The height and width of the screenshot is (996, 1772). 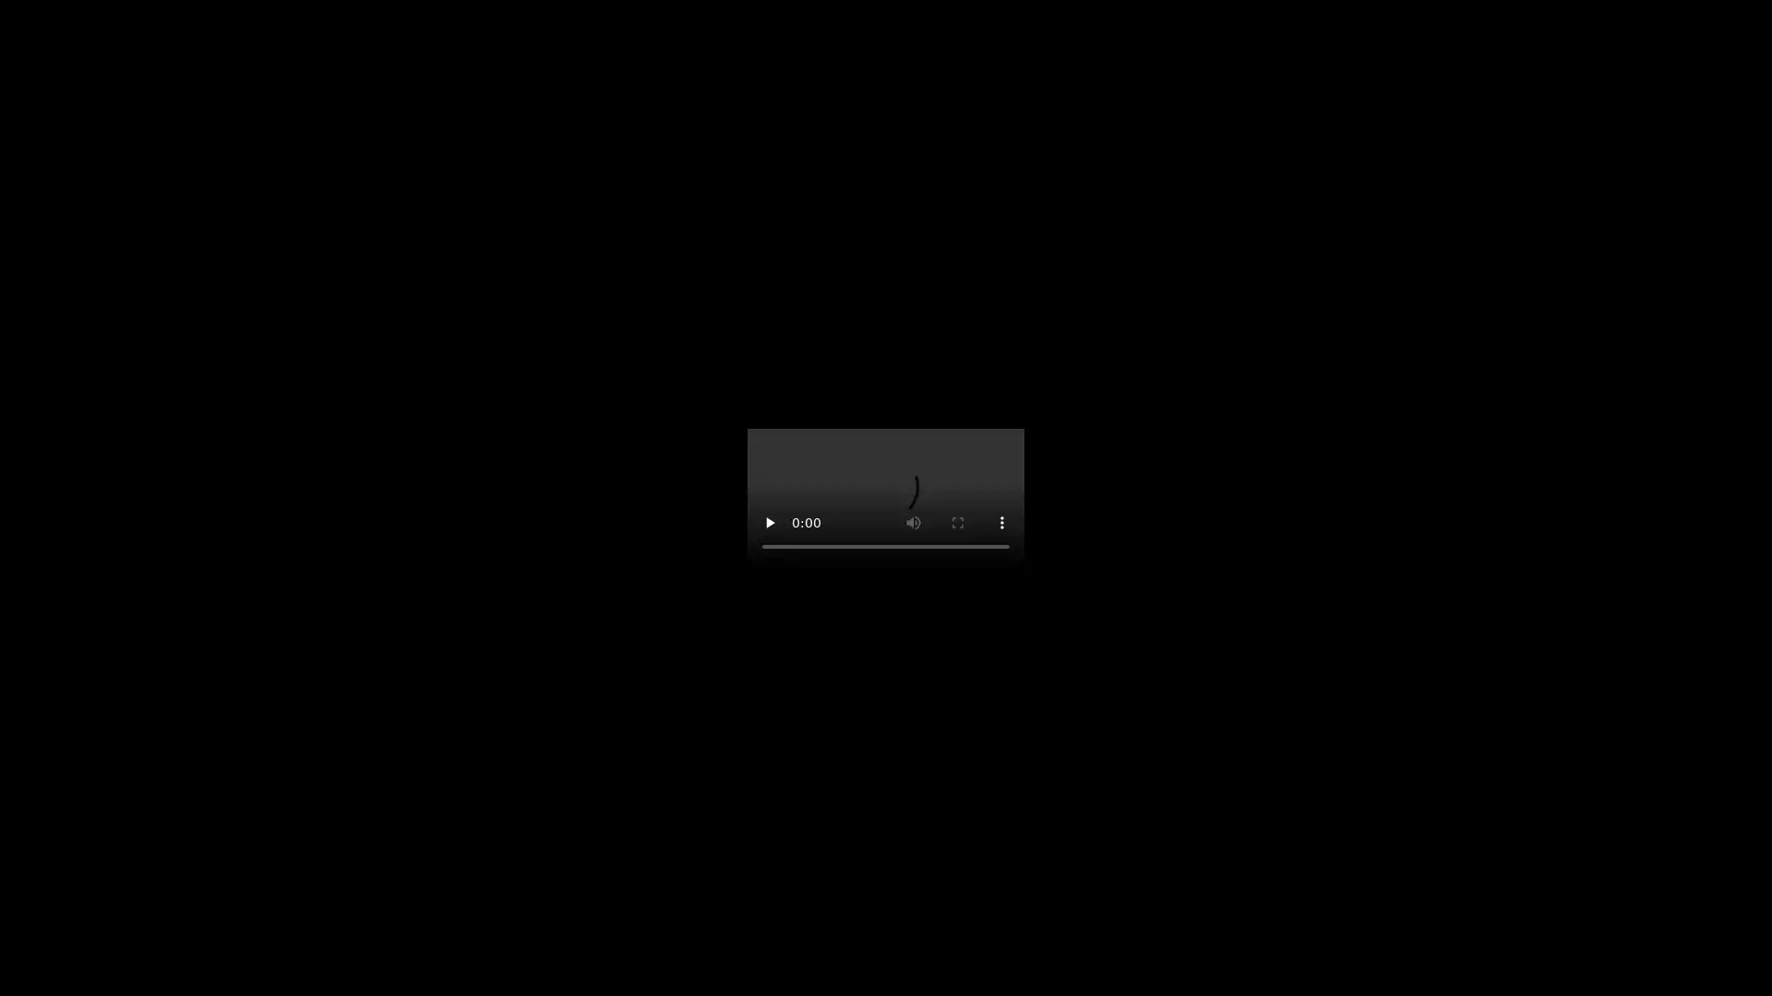 I want to click on play, so click(x=771, y=540).